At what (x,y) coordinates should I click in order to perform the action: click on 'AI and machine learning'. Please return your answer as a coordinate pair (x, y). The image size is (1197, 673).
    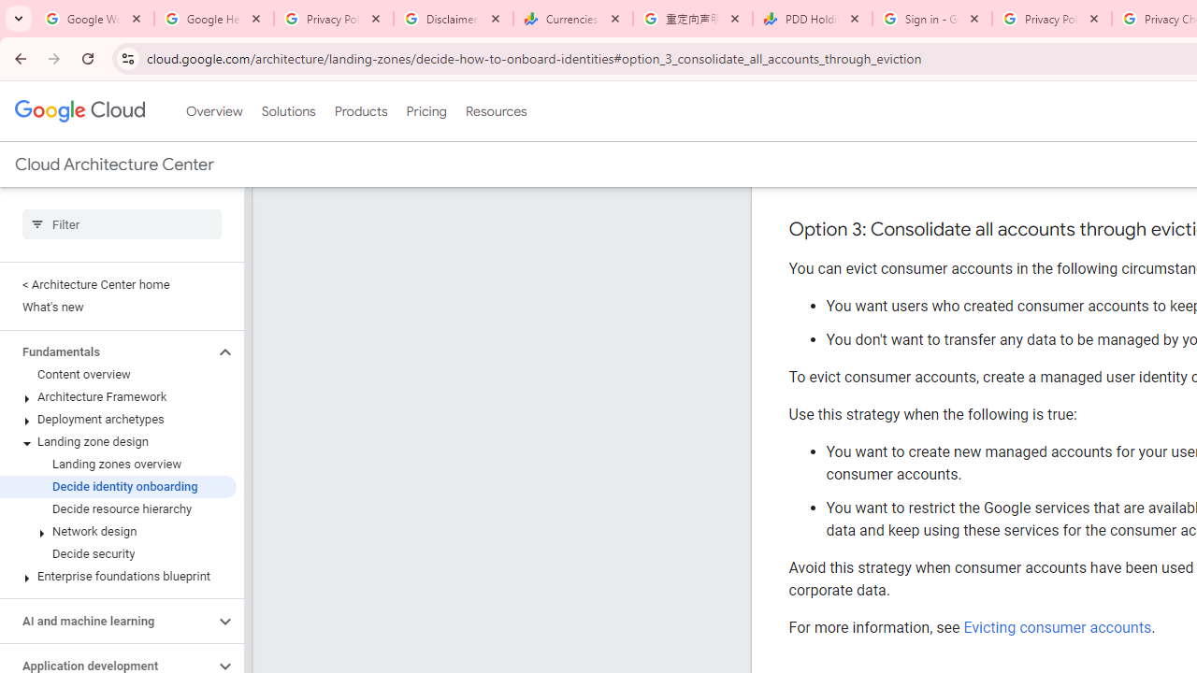
    Looking at the image, I should click on (106, 621).